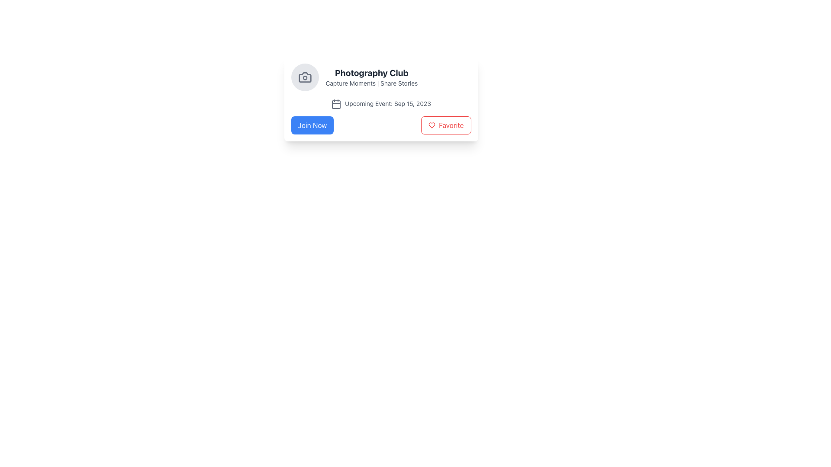 This screenshot has width=831, height=467. I want to click on the Text block that displays 'Photography Club' and 'Capture Moments | Share Stories', which is positioned to the right of a circular camera icon, so click(371, 77).